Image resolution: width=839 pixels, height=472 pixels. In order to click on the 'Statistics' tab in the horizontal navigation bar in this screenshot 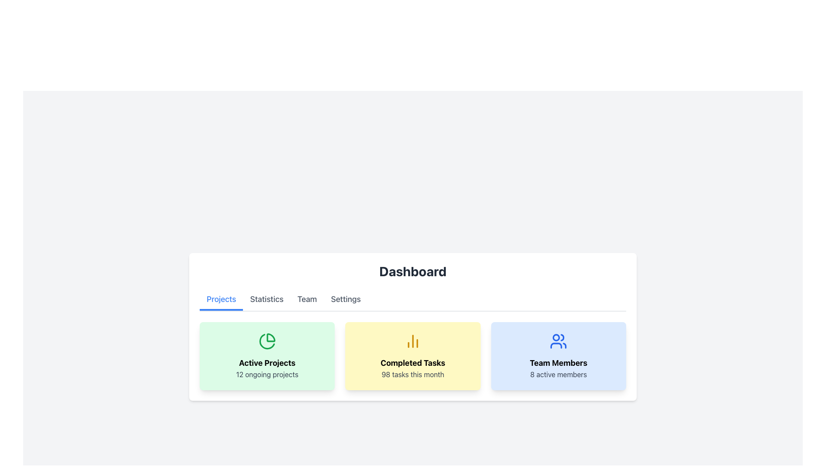, I will do `click(266, 299)`.